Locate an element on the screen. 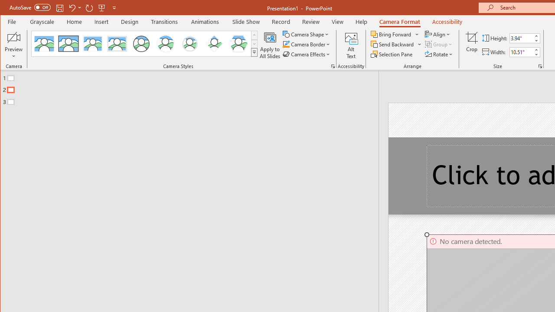 This screenshot has width=555, height=312. 'Customize Quick Access Toolbar' is located at coordinates (114, 7).